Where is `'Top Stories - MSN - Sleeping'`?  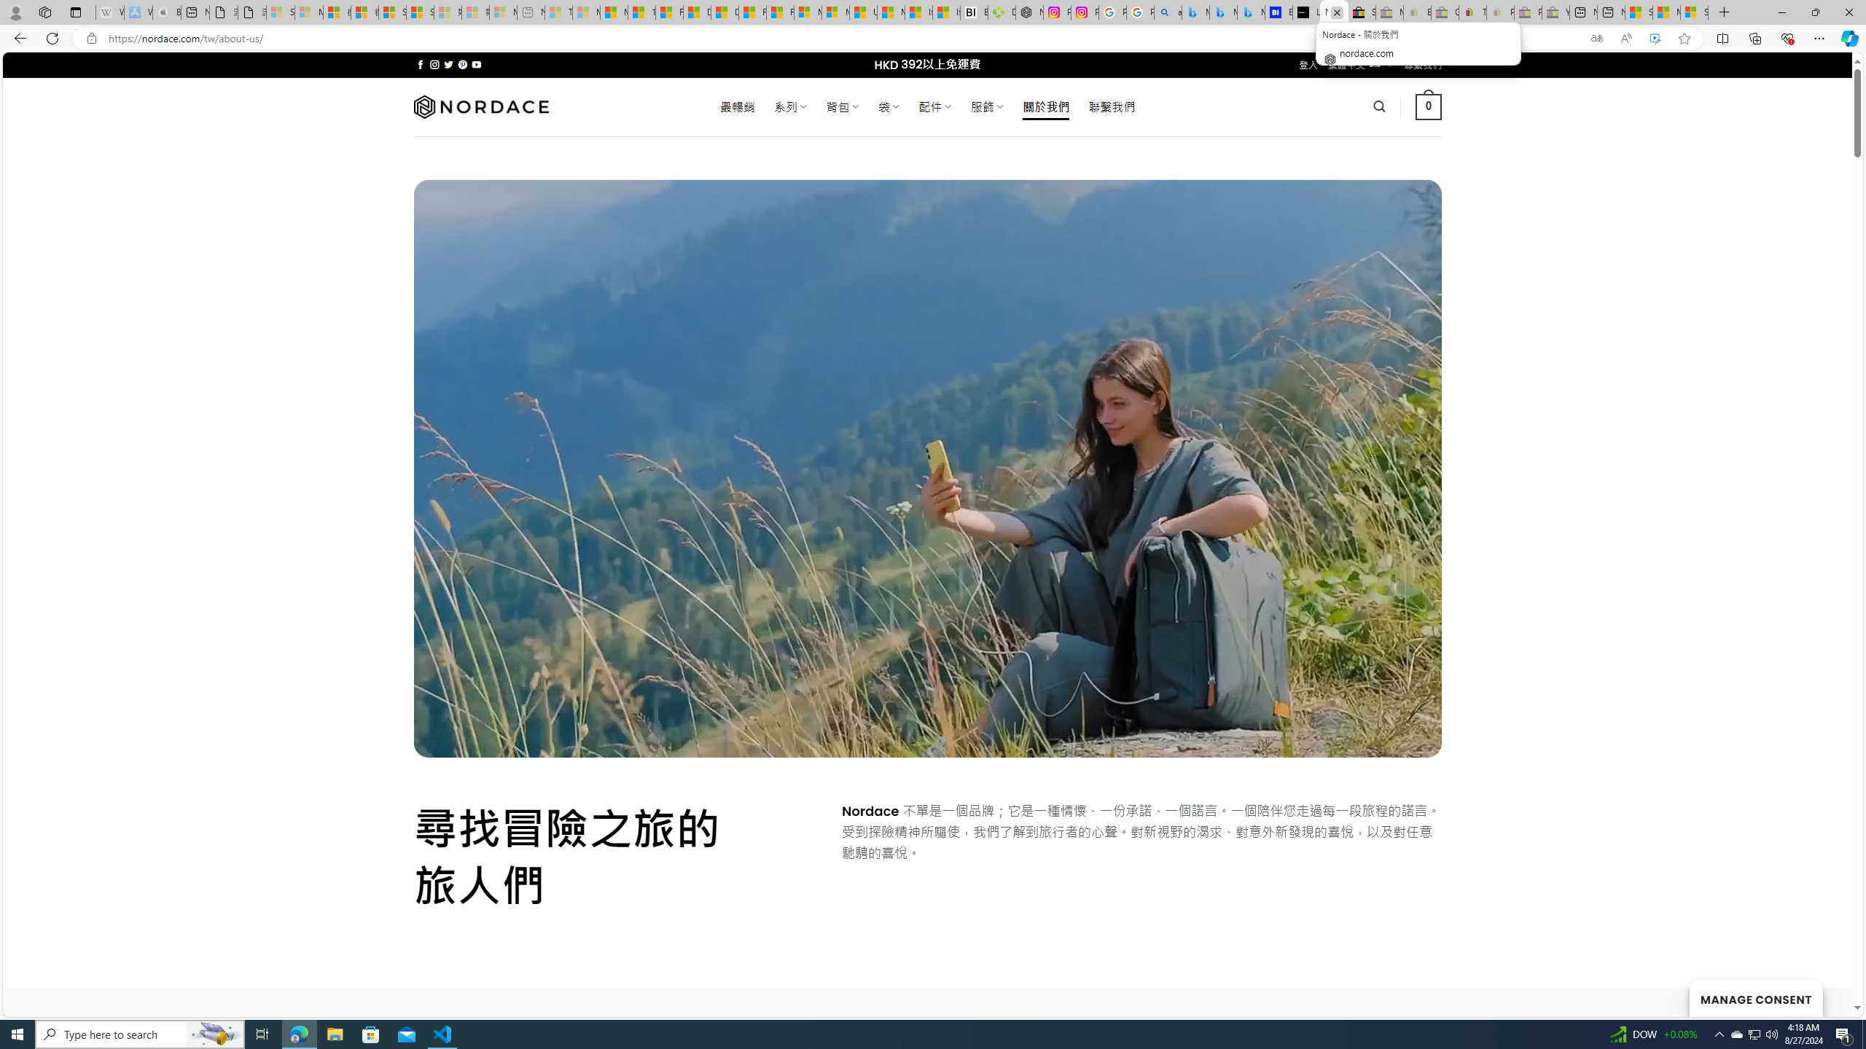 'Top Stories - MSN - Sleeping' is located at coordinates (558, 12).